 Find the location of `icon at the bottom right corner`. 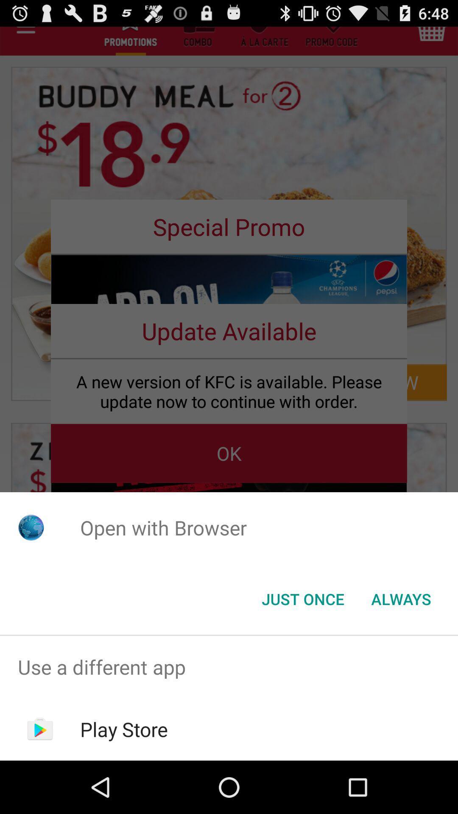

icon at the bottom right corner is located at coordinates (401, 598).